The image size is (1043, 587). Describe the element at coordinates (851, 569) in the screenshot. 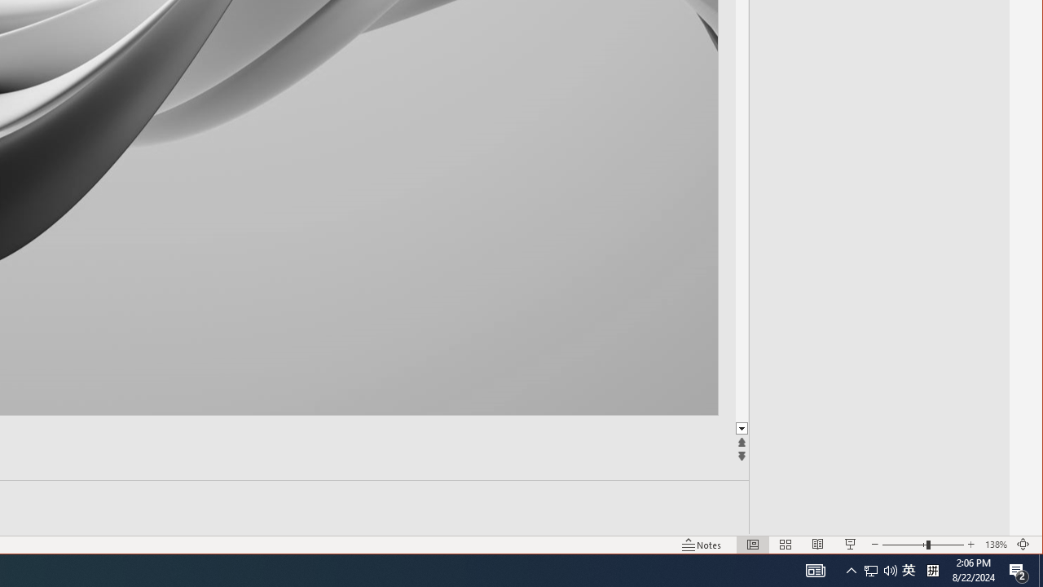

I see `'Notification Chevron'` at that location.